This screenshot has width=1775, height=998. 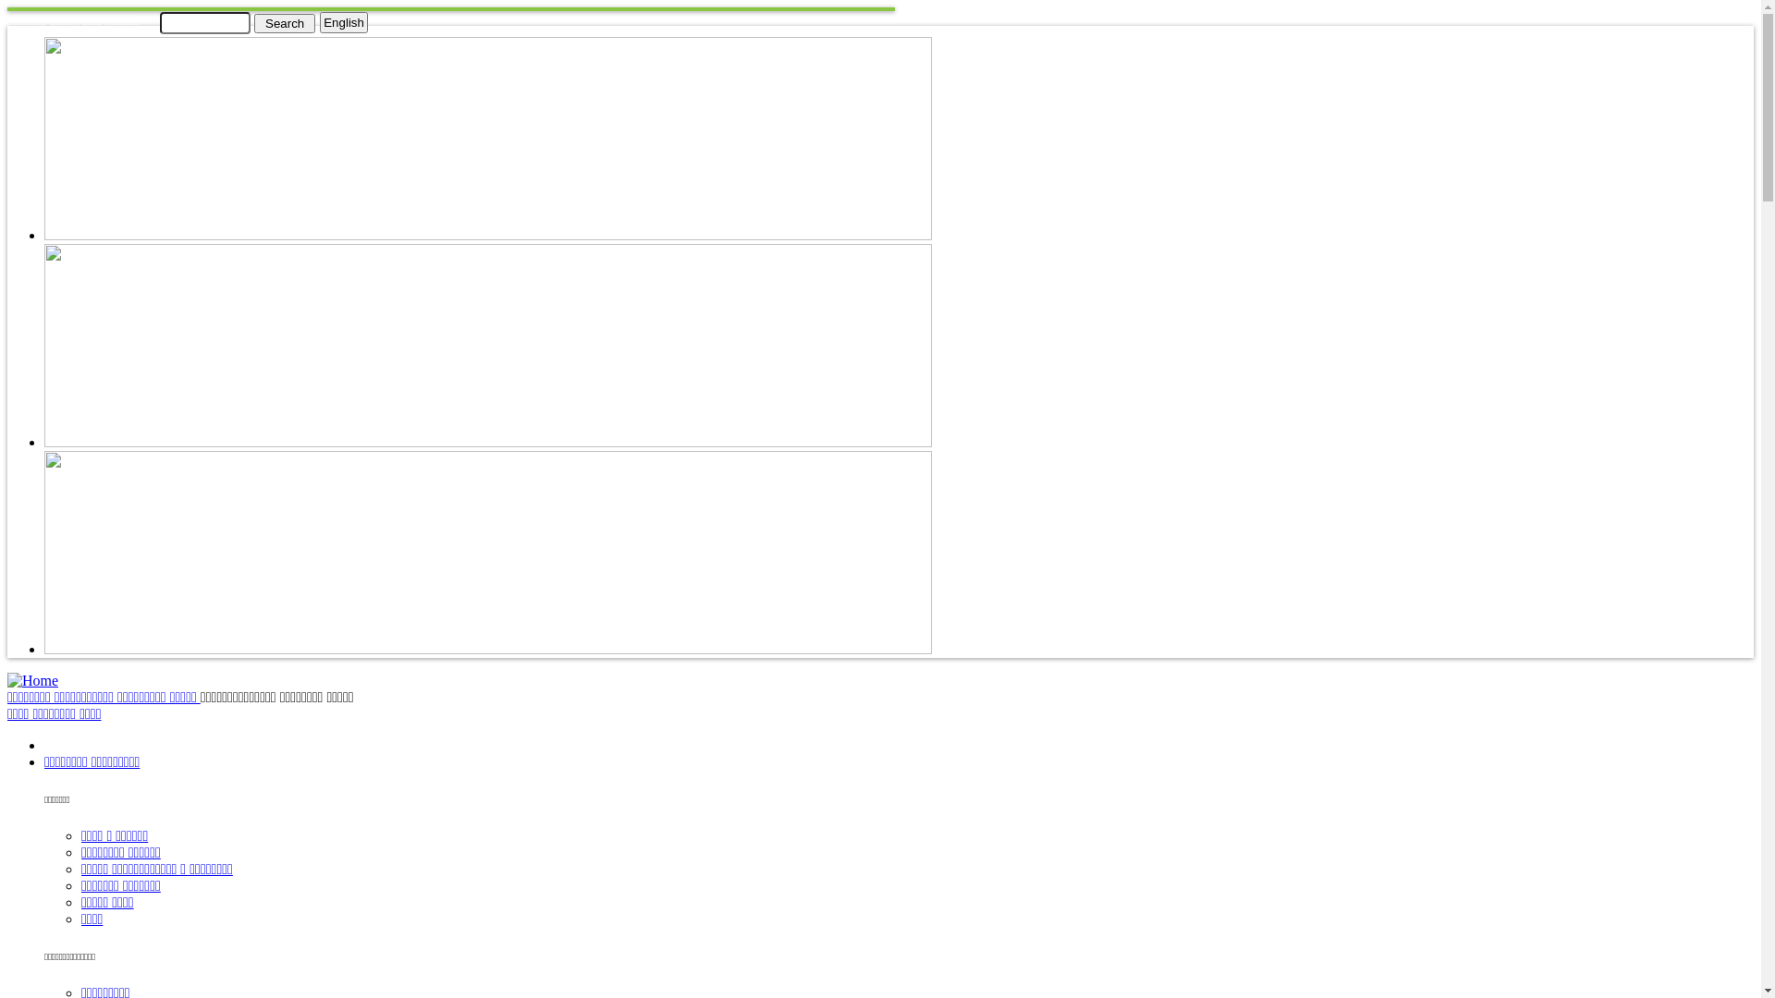 What do you see at coordinates (344, 22) in the screenshot?
I see `'English'` at bounding box center [344, 22].